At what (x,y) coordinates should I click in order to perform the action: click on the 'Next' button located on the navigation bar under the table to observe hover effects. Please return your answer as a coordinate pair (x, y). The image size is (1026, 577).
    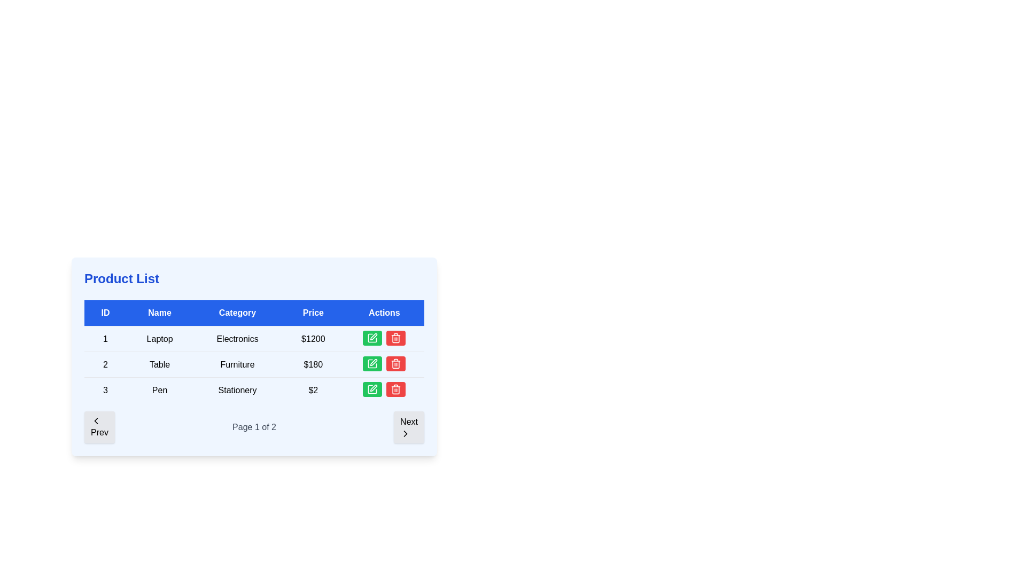
    Looking at the image, I should click on (408, 426).